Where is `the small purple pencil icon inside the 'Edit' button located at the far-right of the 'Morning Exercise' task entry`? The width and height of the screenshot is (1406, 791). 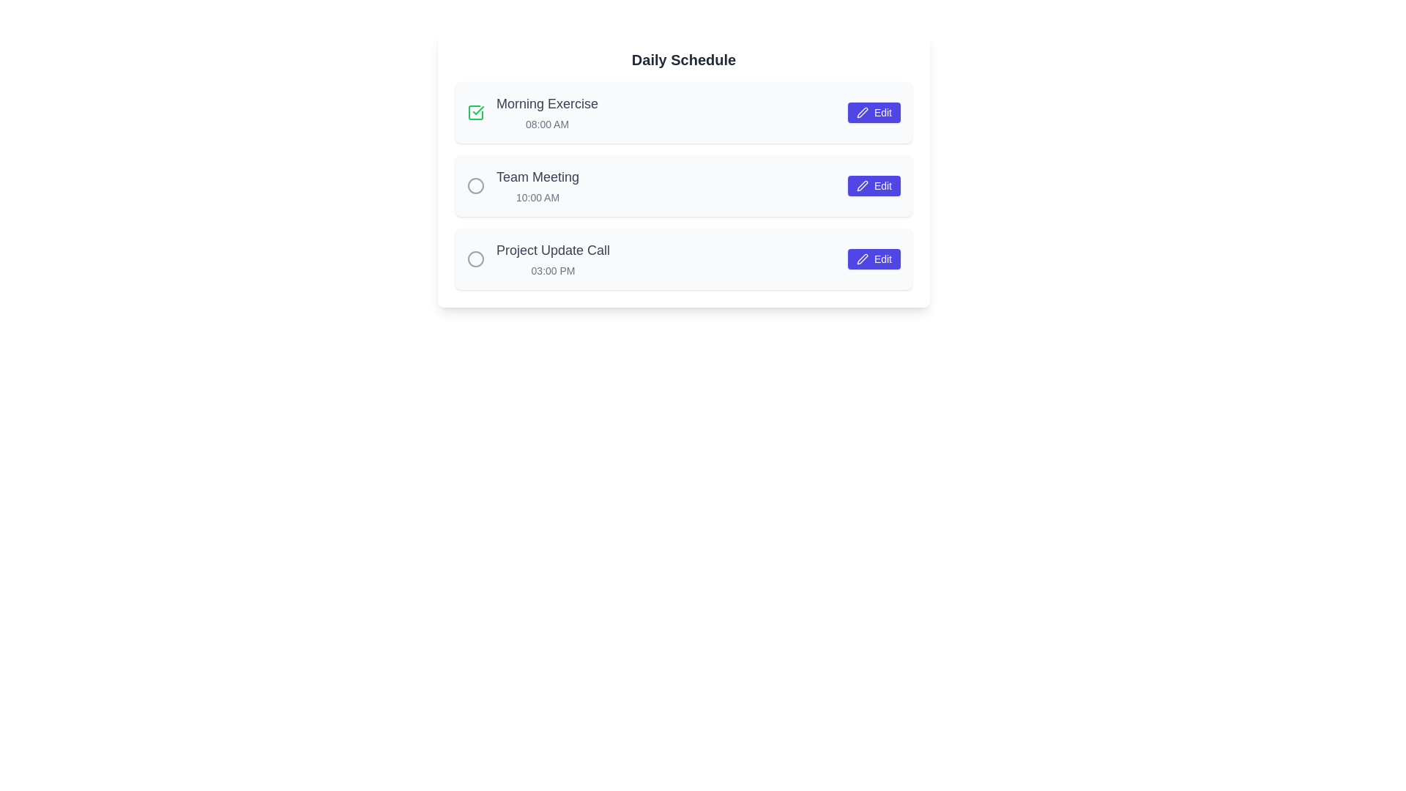
the small purple pencil icon inside the 'Edit' button located at the far-right of the 'Morning Exercise' task entry is located at coordinates (862, 112).